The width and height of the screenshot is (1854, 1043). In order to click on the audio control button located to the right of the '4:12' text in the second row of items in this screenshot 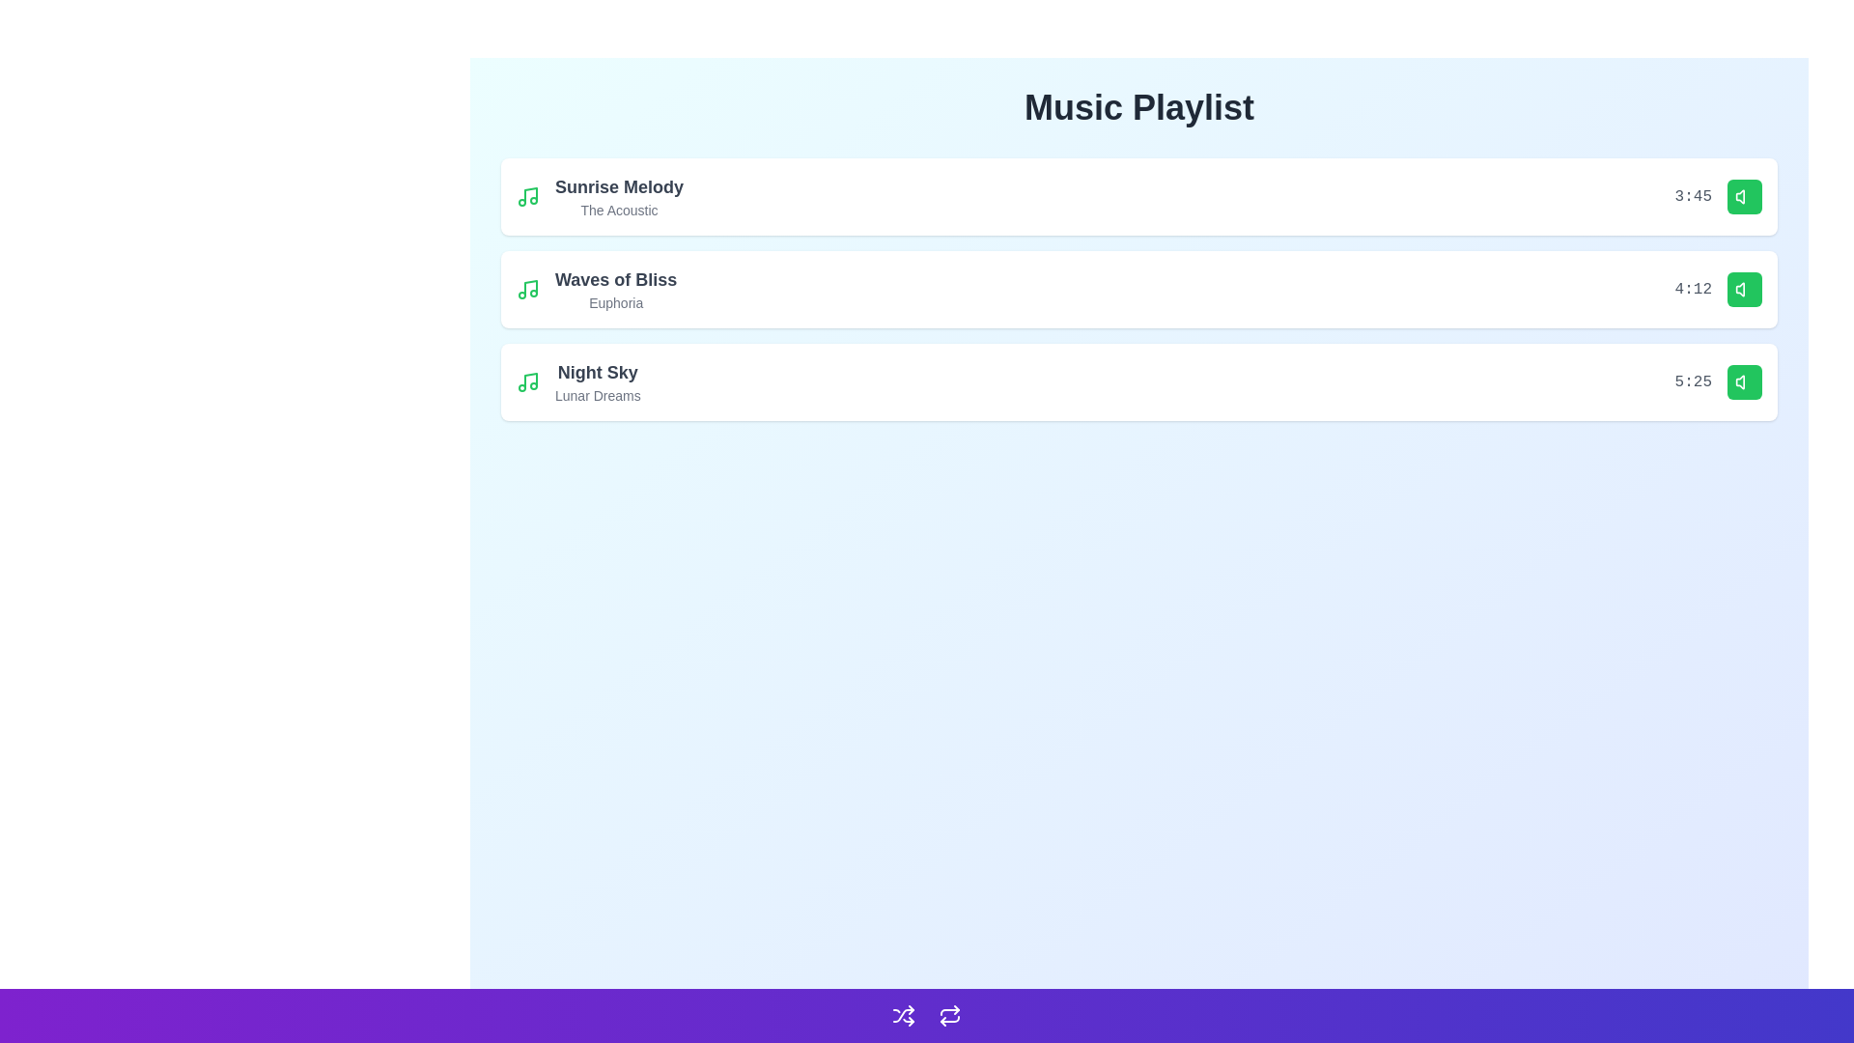, I will do `click(1744, 290)`.